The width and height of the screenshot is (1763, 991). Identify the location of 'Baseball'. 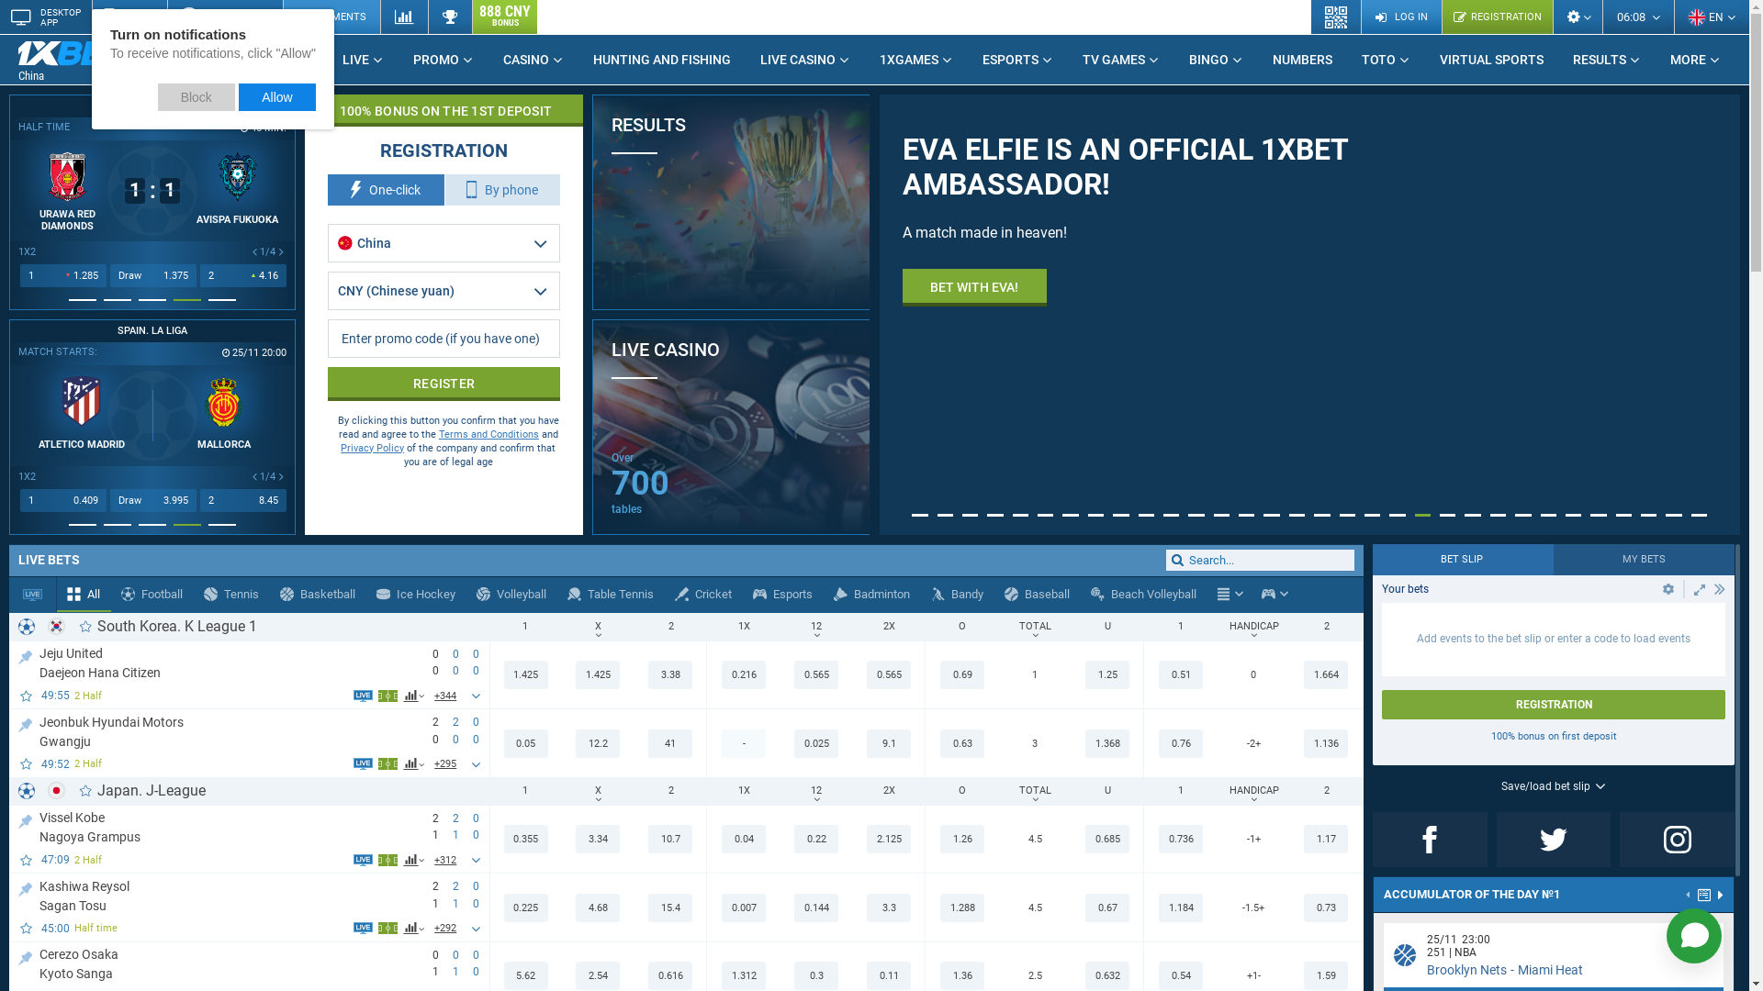
(1037, 595).